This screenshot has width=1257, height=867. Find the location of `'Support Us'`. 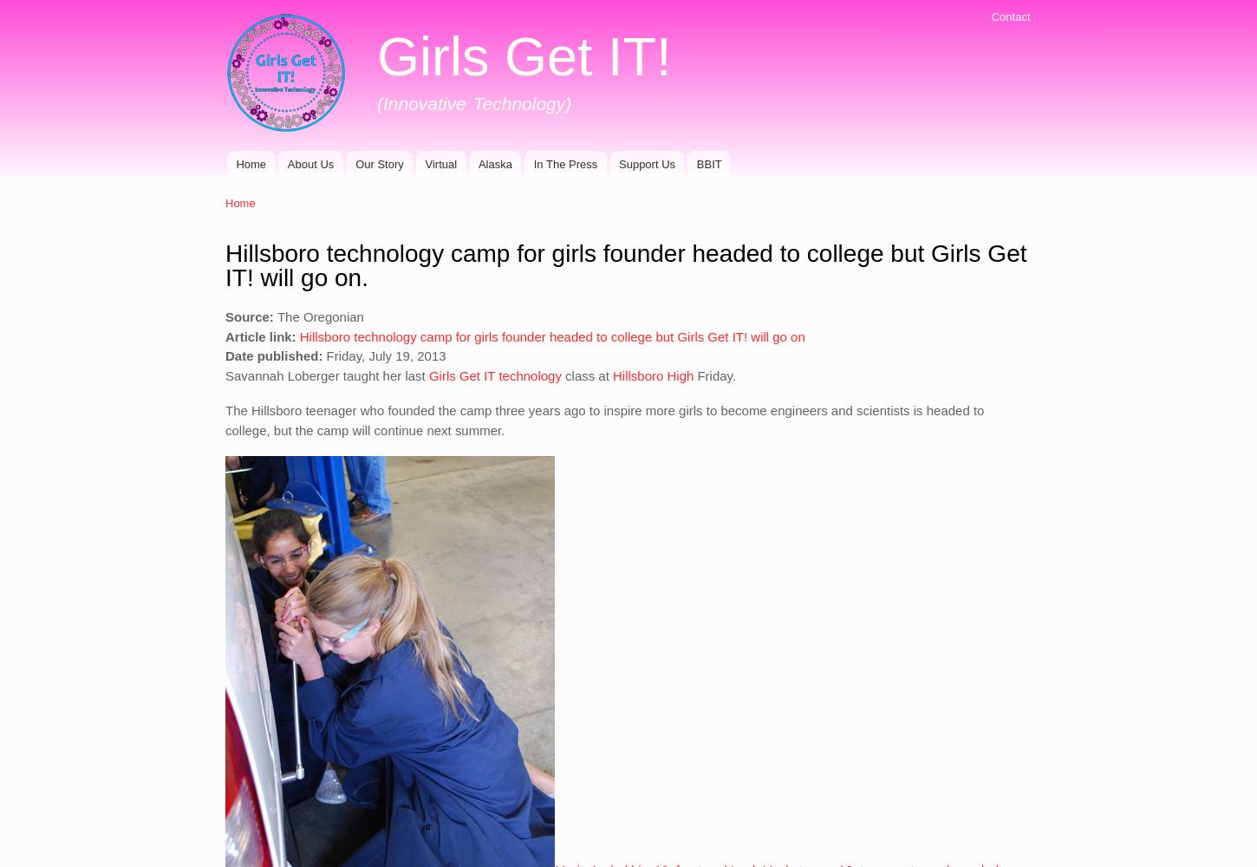

'Support Us' is located at coordinates (647, 163).